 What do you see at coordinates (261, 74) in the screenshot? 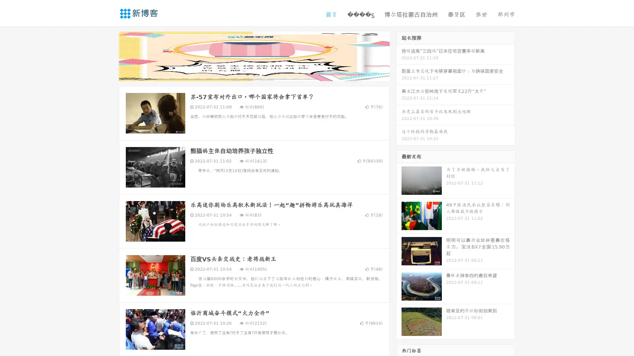
I see `Go to slide 3` at bounding box center [261, 74].